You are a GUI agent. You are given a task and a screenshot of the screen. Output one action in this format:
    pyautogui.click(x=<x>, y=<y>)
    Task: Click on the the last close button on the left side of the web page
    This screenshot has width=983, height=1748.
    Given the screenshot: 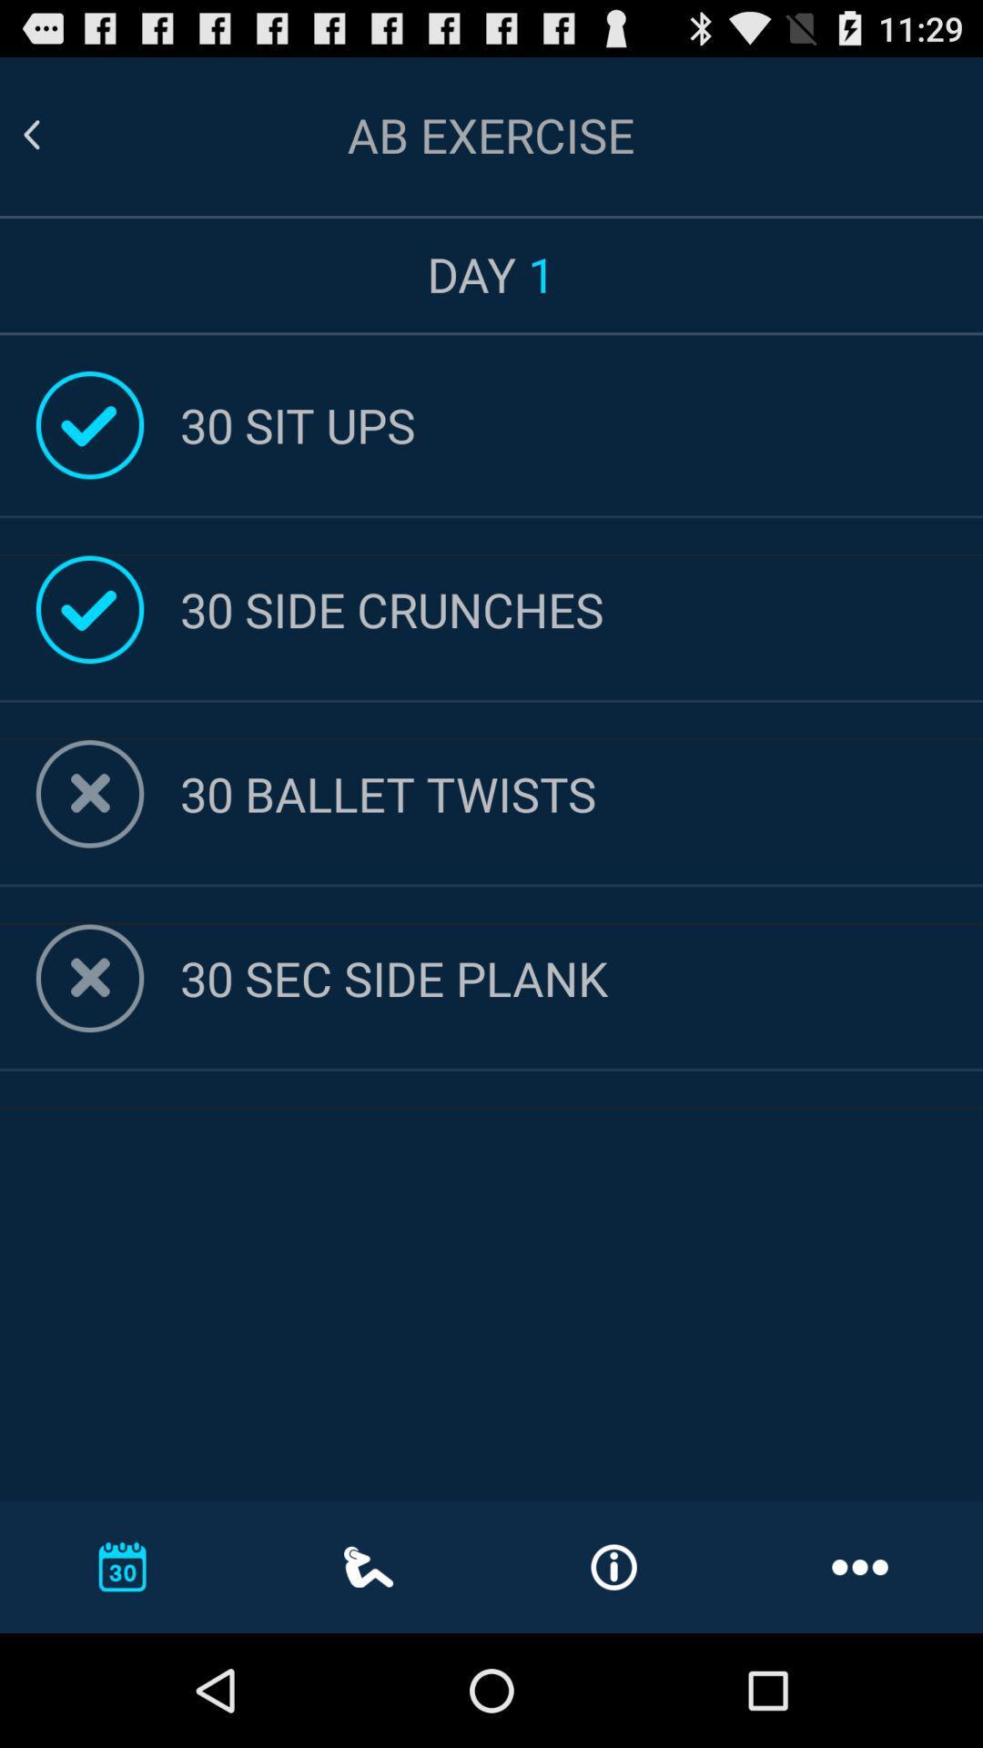 What is the action you would take?
    pyautogui.click(x=90, y=978)
    